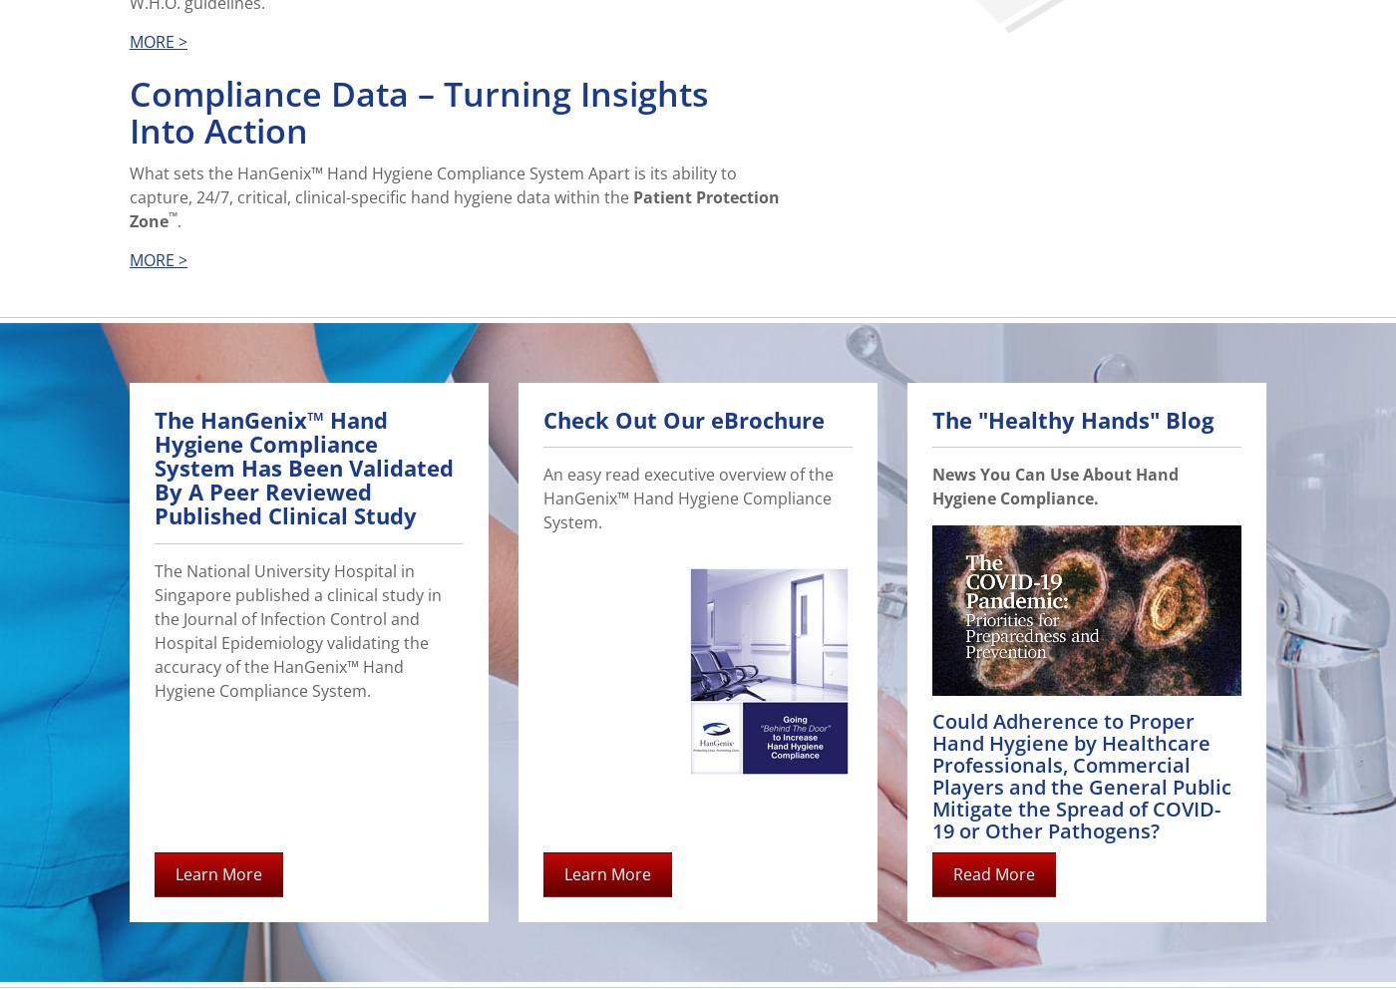  What do you see at coordinates (304, 467) in the screenshot?
I see `'The HanGenix™ Hand Hygiene Compliance System Has Been Validated By A Peer Reviewed Published Clinical Study'` at bounding box center [304, 467].